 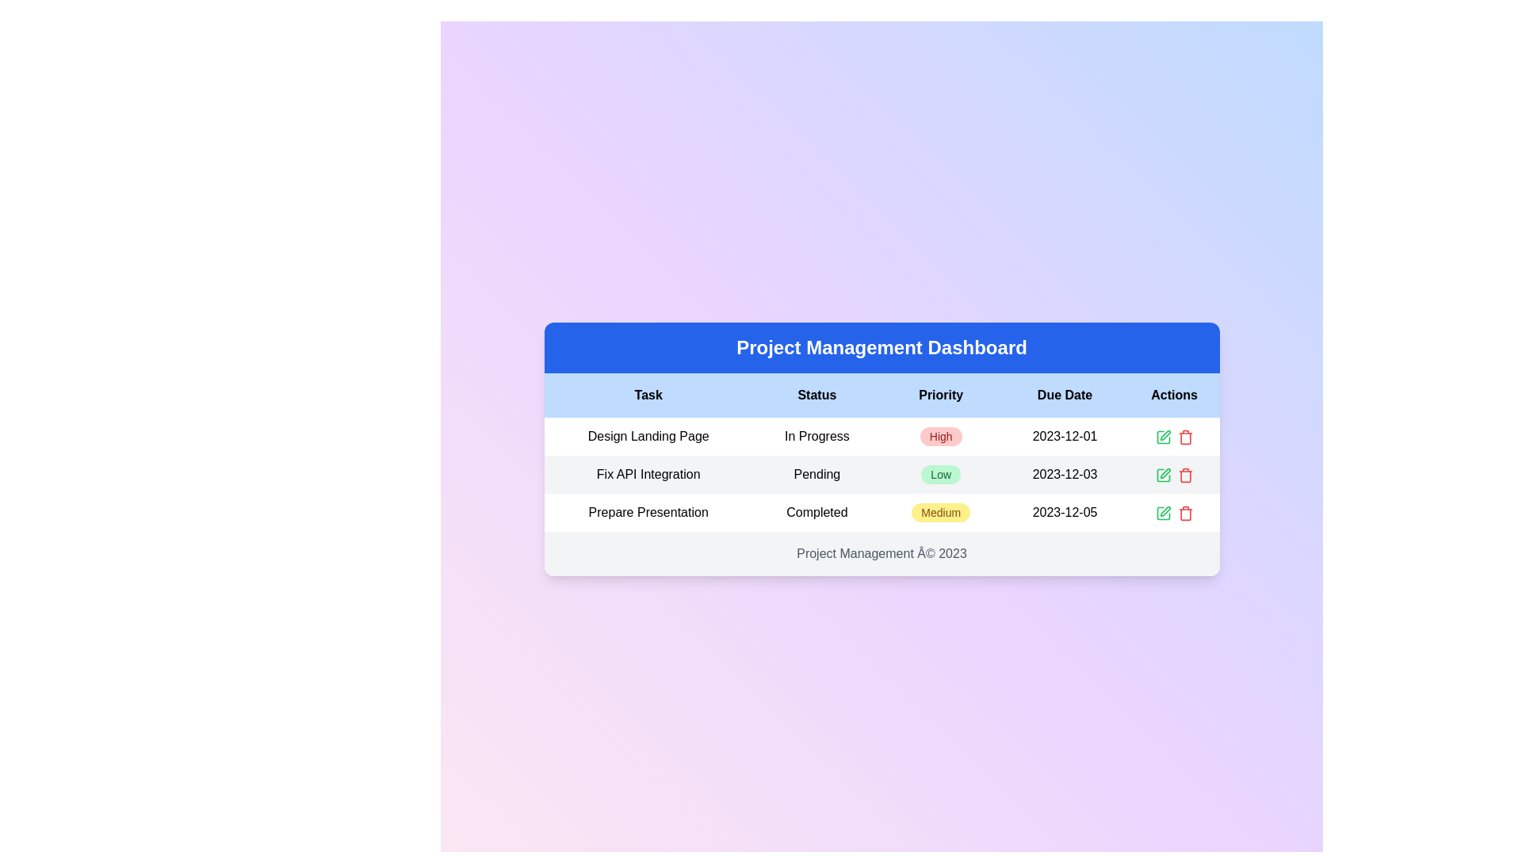 I want to click on the red trash icon button in the actions group for the 'Design Landing Page' row, so click(x=1185, y=437).